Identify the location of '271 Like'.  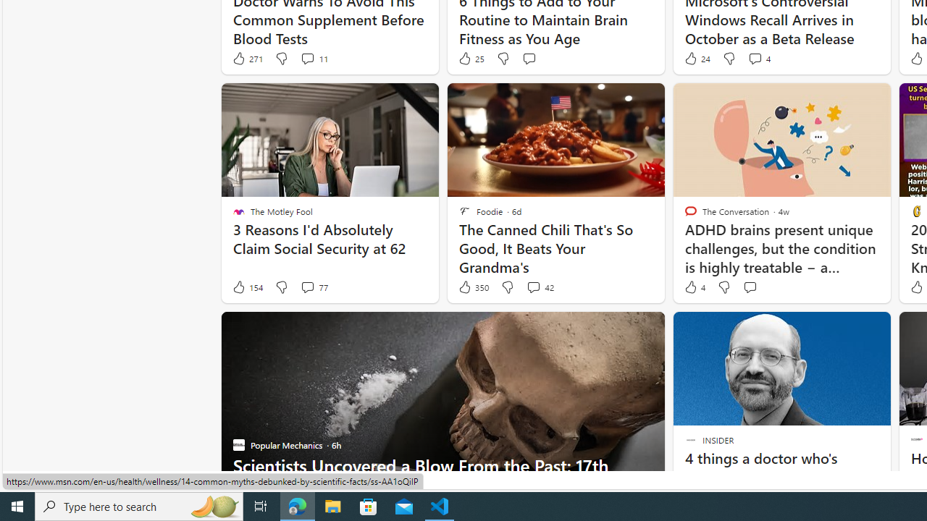
(247, 58).